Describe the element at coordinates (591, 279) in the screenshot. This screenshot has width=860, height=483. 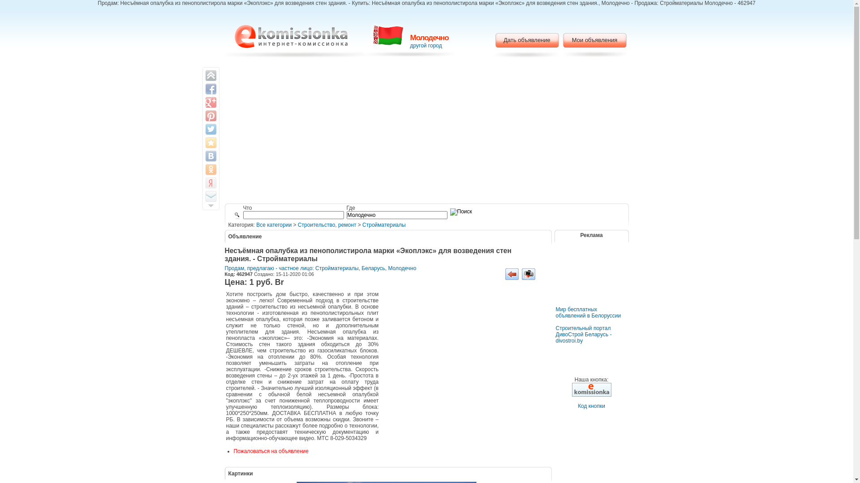
I see `'Advertisement'` at that location.